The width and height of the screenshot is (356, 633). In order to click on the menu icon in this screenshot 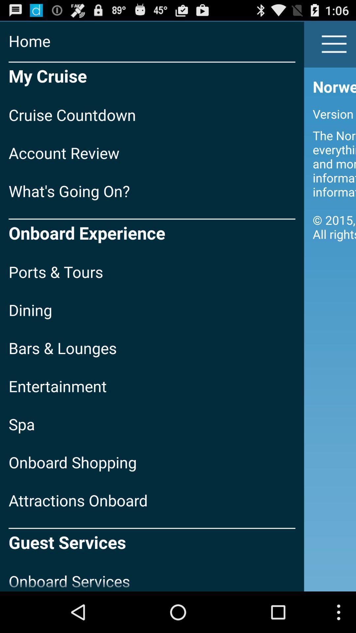, I will do `click(334, 47)`.